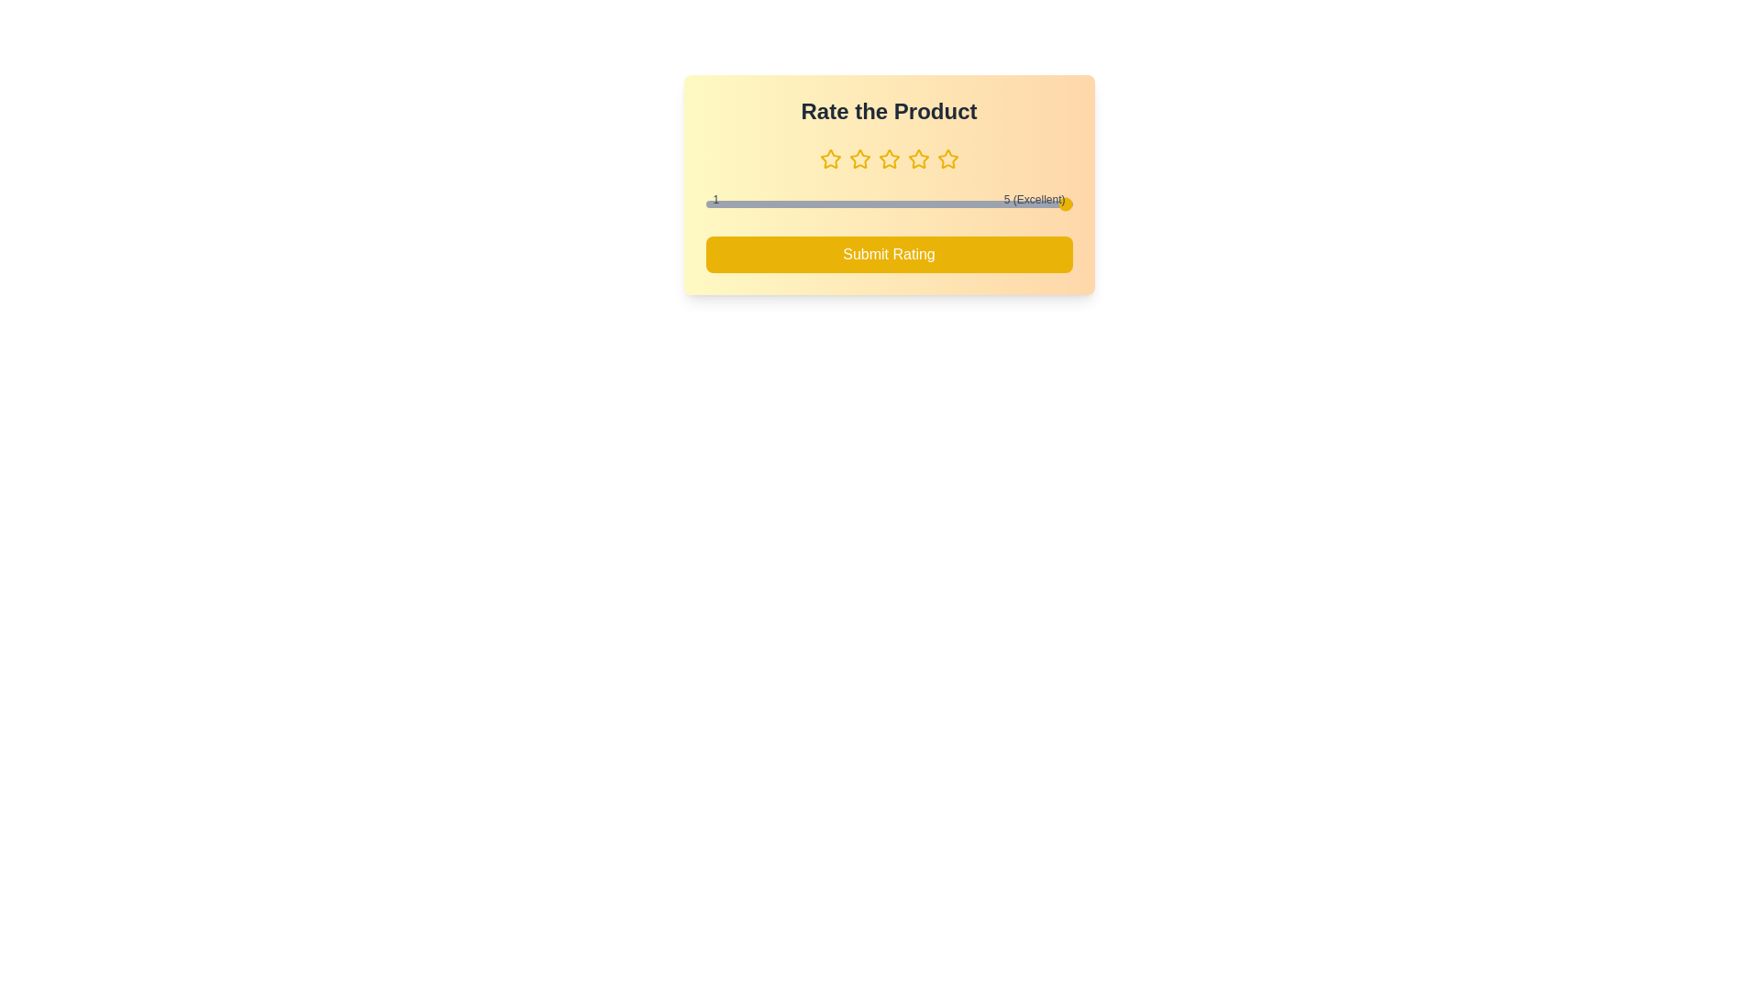 Image resolution: width=1761 pixels, height=990 pixels. What do you see at coordinates (797, 204) in the screenshot?
I see `the slider to set the rating to 2 (1 to 5)` at bounding box center [797, 204].